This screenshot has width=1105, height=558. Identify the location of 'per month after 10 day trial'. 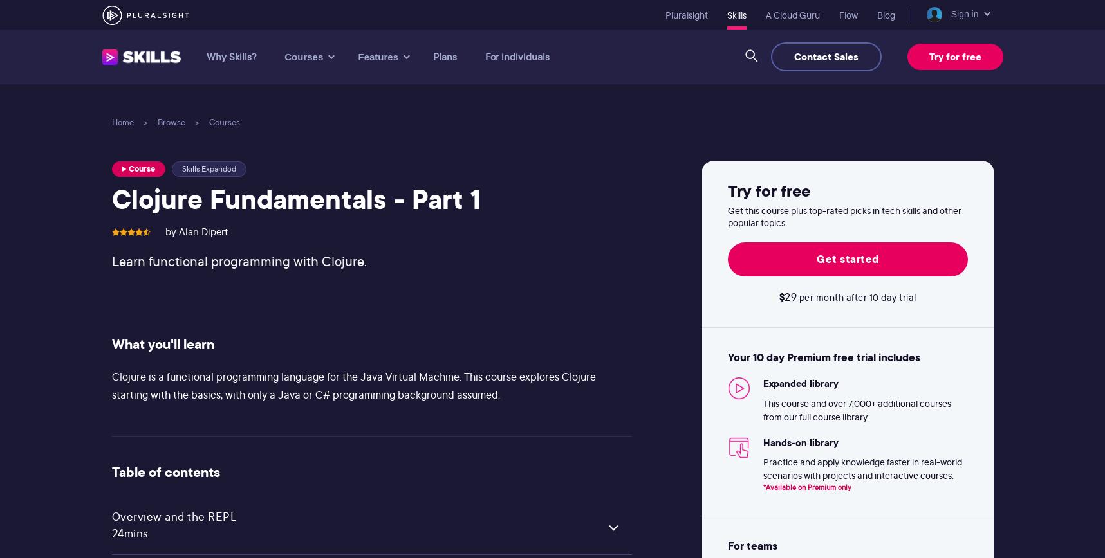
(856, 297).